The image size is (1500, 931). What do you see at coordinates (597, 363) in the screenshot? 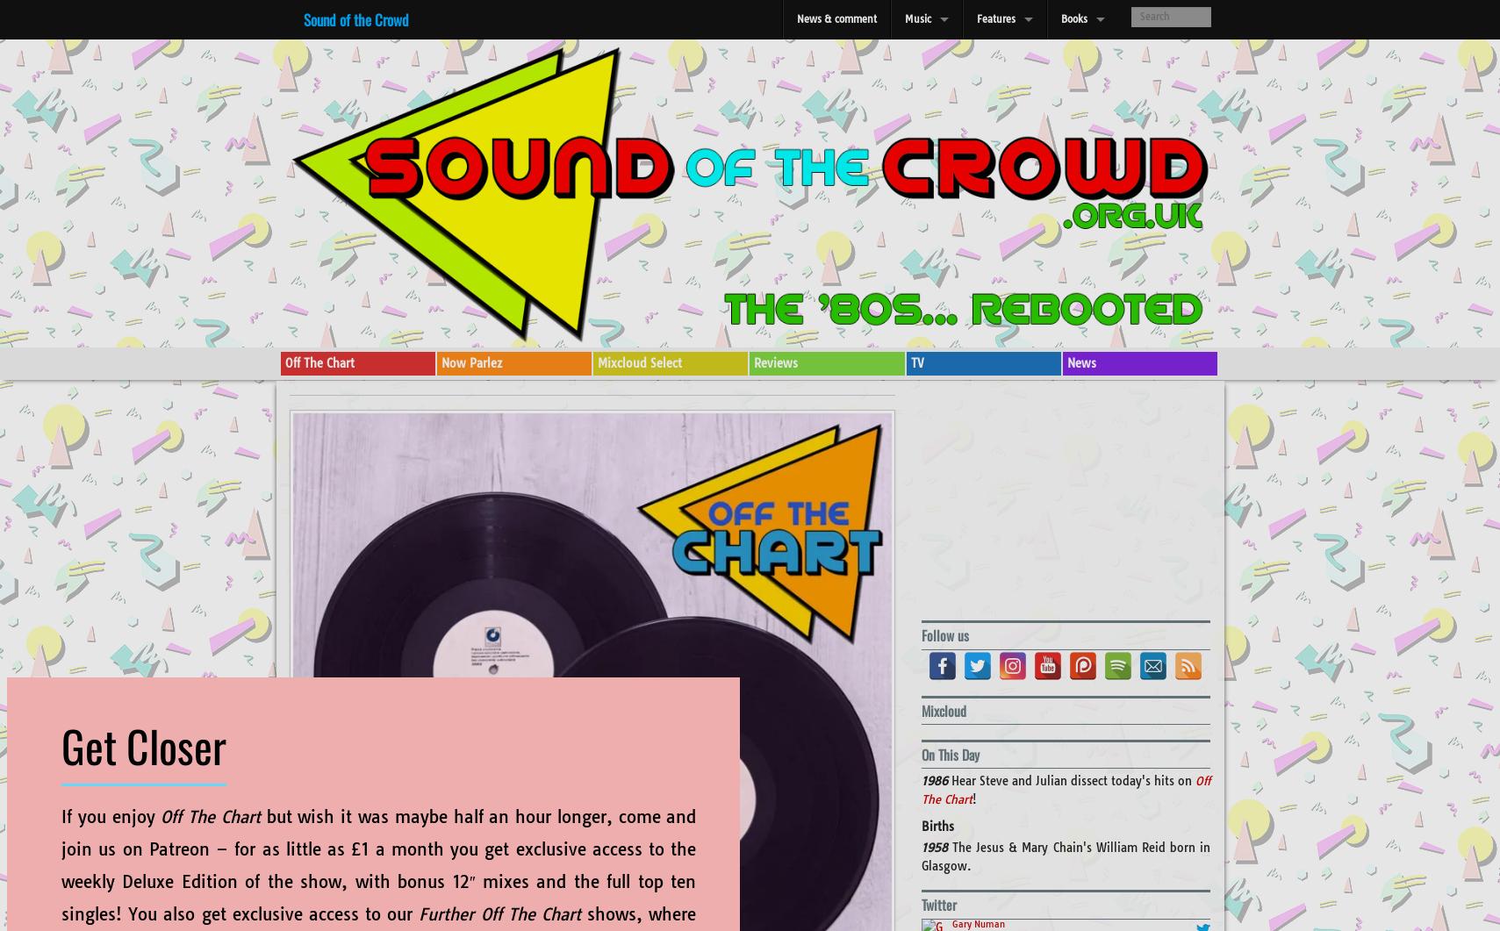
I see `'Mixcloud Select'` at bounding box center [597, 363].